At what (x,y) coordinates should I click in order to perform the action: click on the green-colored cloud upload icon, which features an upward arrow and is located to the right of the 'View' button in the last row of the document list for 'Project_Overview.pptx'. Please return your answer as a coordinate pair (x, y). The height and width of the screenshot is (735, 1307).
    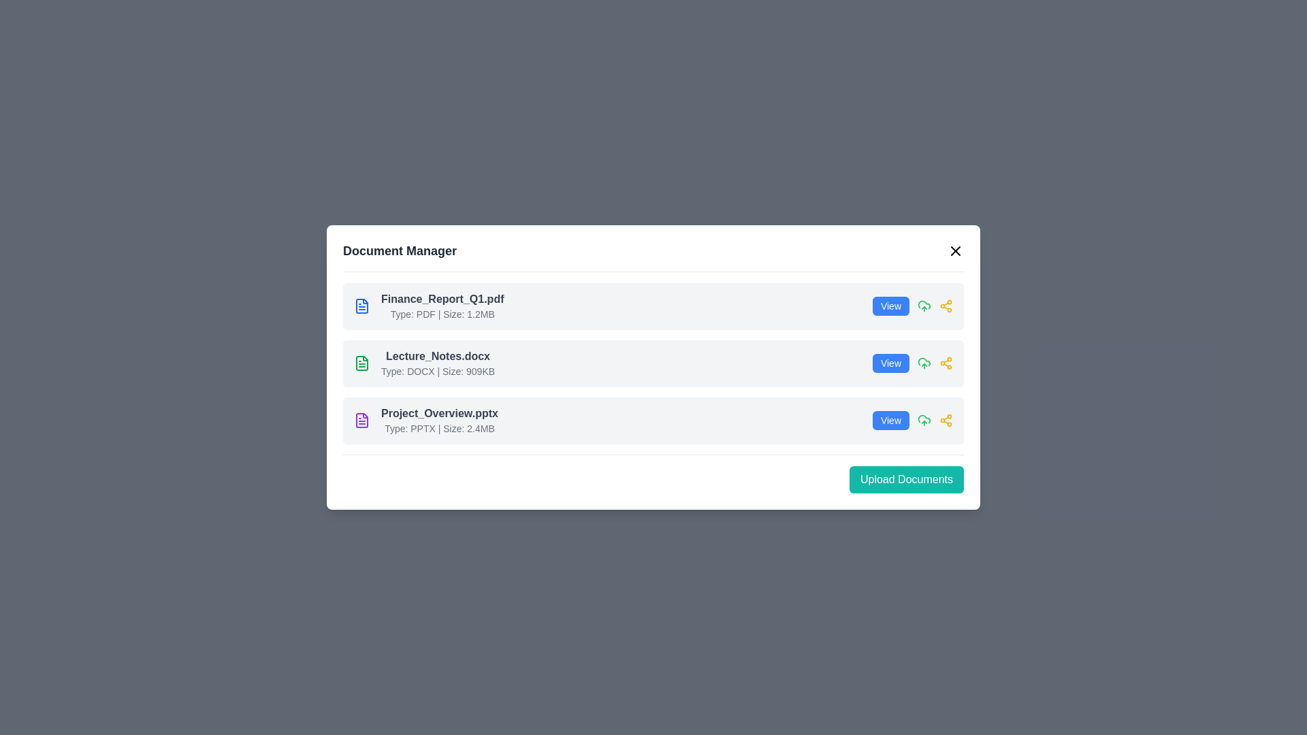
    Looking at the image, I should click on (924, 419).